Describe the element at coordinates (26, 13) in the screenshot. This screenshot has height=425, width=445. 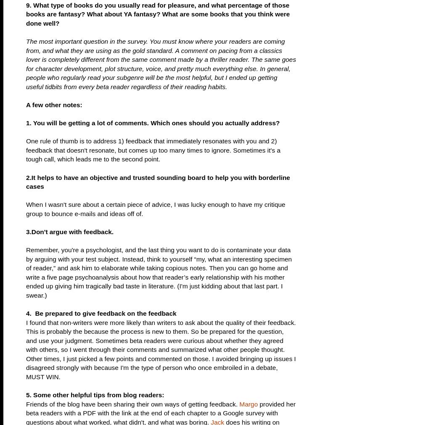
I see `'9.  What type of books do you usually read for pleasure, and what percentage of those books are fantasy?  What about YA fantasy? What are some books that you think were done well?'` at that location.